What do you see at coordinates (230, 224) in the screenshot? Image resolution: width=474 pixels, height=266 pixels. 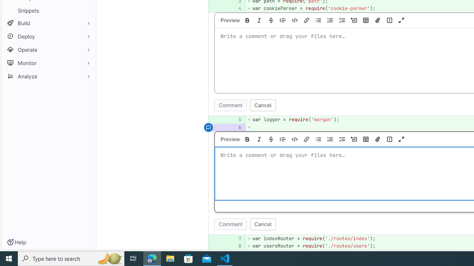 I see `'Comment'` at bounding box center [230, 224].